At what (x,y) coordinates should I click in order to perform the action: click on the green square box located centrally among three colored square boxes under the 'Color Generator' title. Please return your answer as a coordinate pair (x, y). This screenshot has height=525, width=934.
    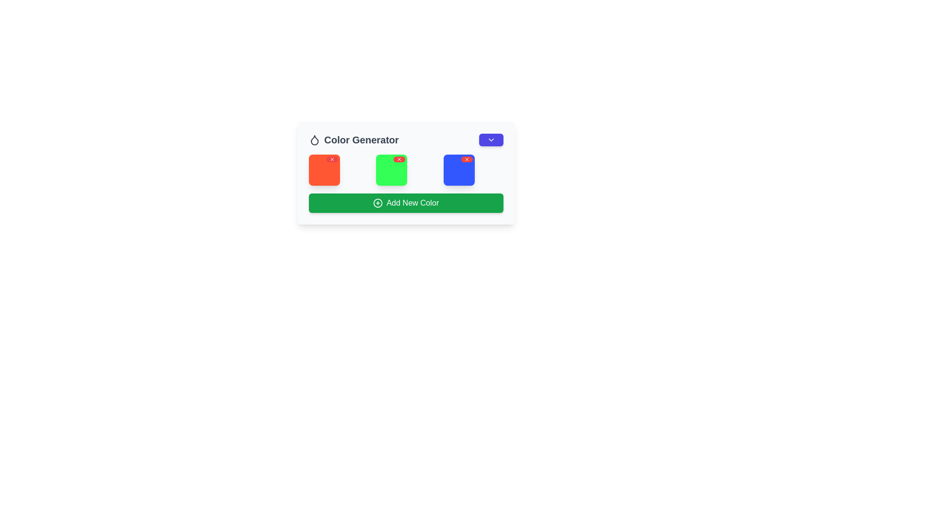
    Looking at the image, I should click on (406, 172).